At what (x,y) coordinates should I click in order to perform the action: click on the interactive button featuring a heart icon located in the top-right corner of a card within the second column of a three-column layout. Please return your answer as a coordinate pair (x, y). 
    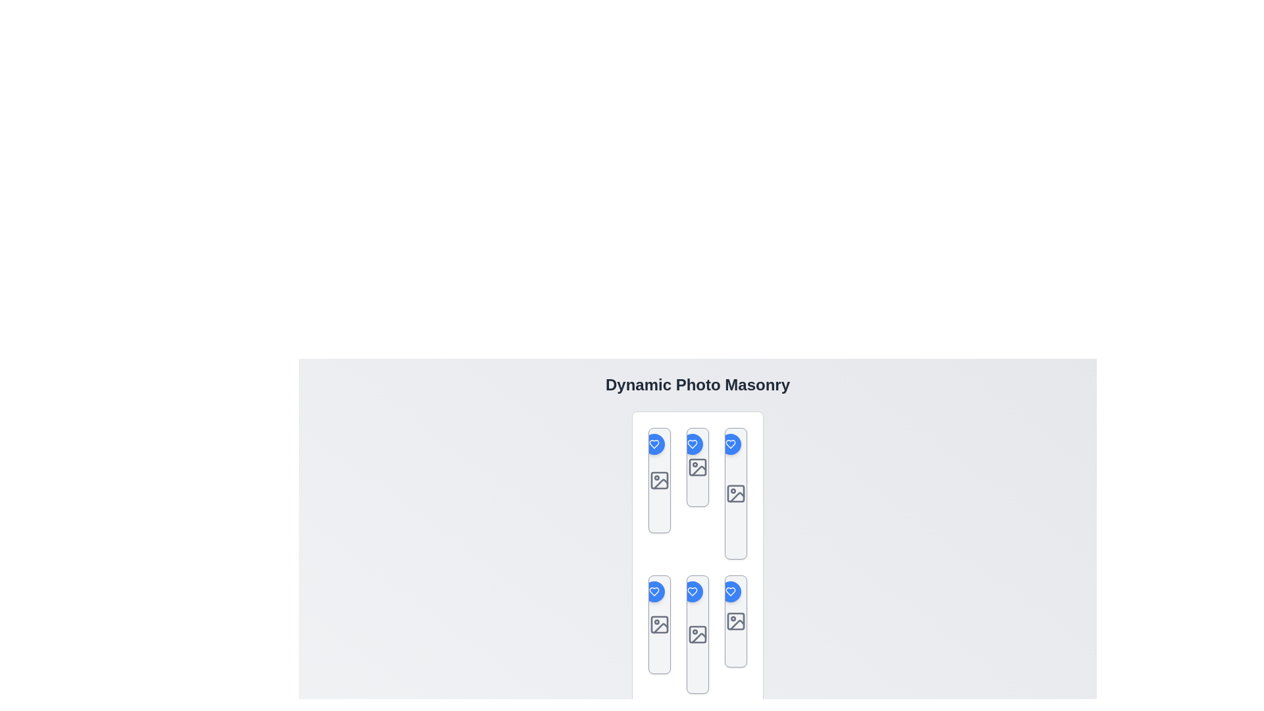
    Looking at the image, I should click on (729, 444).